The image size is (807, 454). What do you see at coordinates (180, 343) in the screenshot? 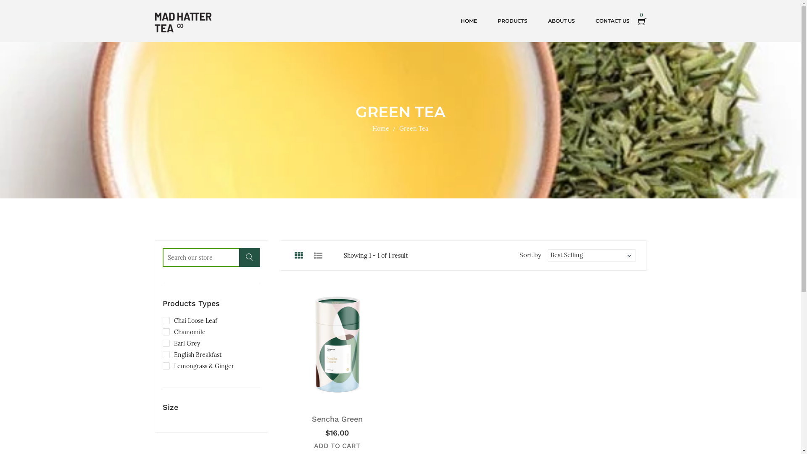
I see `'Earl Grey'` at bounding box center [180, 343].